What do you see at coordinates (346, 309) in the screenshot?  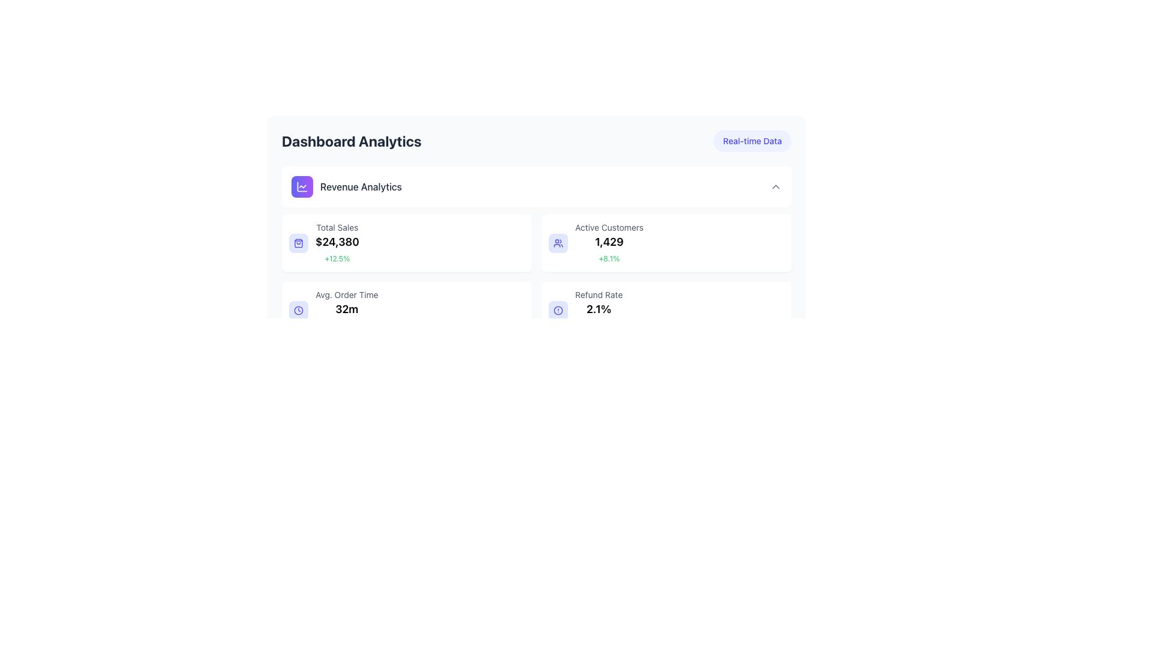 I see `the Text Display Element that shows '32m' in bold, located in the 'Avg. Order Time' subsection of the dashboard interface` at bounding box center [346, 309].